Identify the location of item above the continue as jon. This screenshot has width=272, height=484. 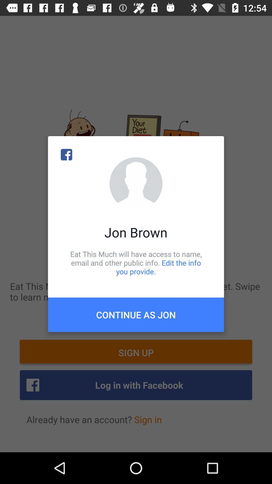
(136, 262).